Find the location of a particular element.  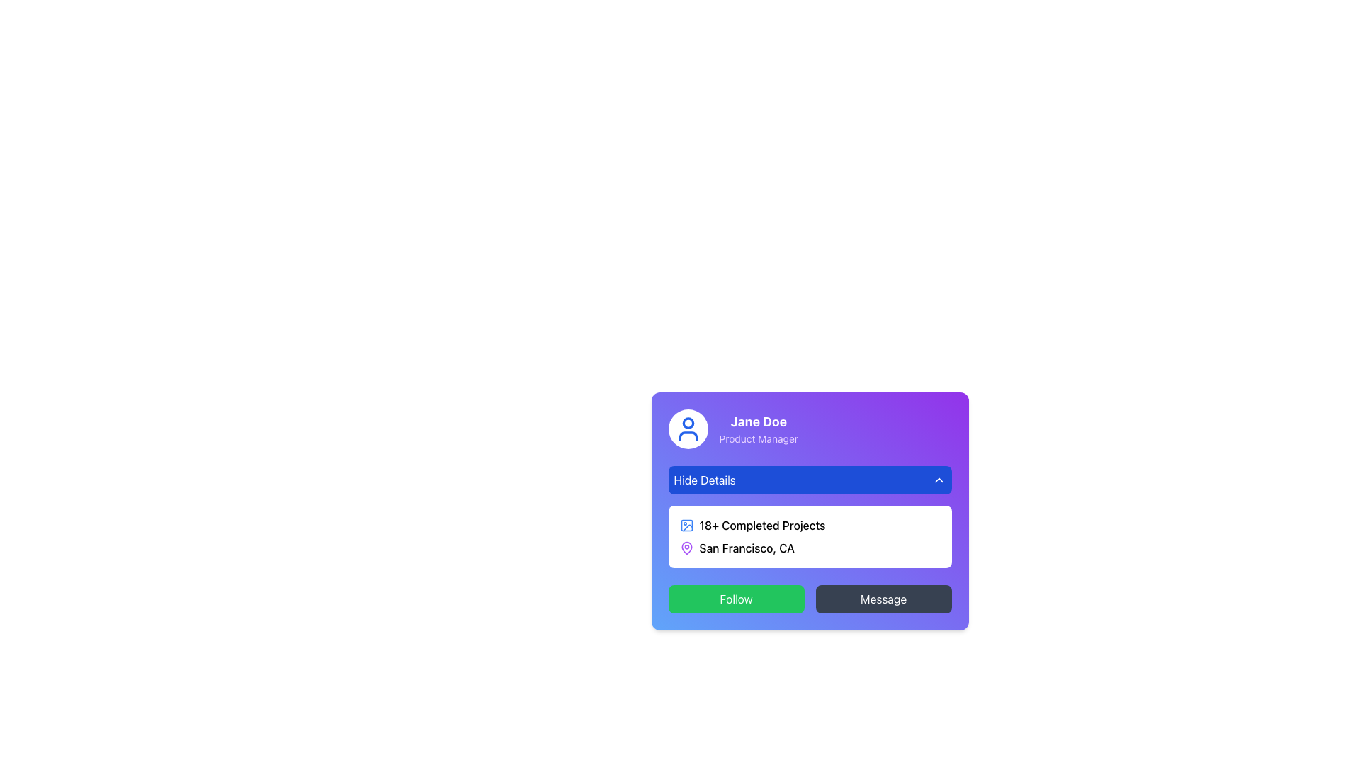

the green 'Follow' button with rounded corners located at the bottom of the profile card is located at coordinates (736, 599).